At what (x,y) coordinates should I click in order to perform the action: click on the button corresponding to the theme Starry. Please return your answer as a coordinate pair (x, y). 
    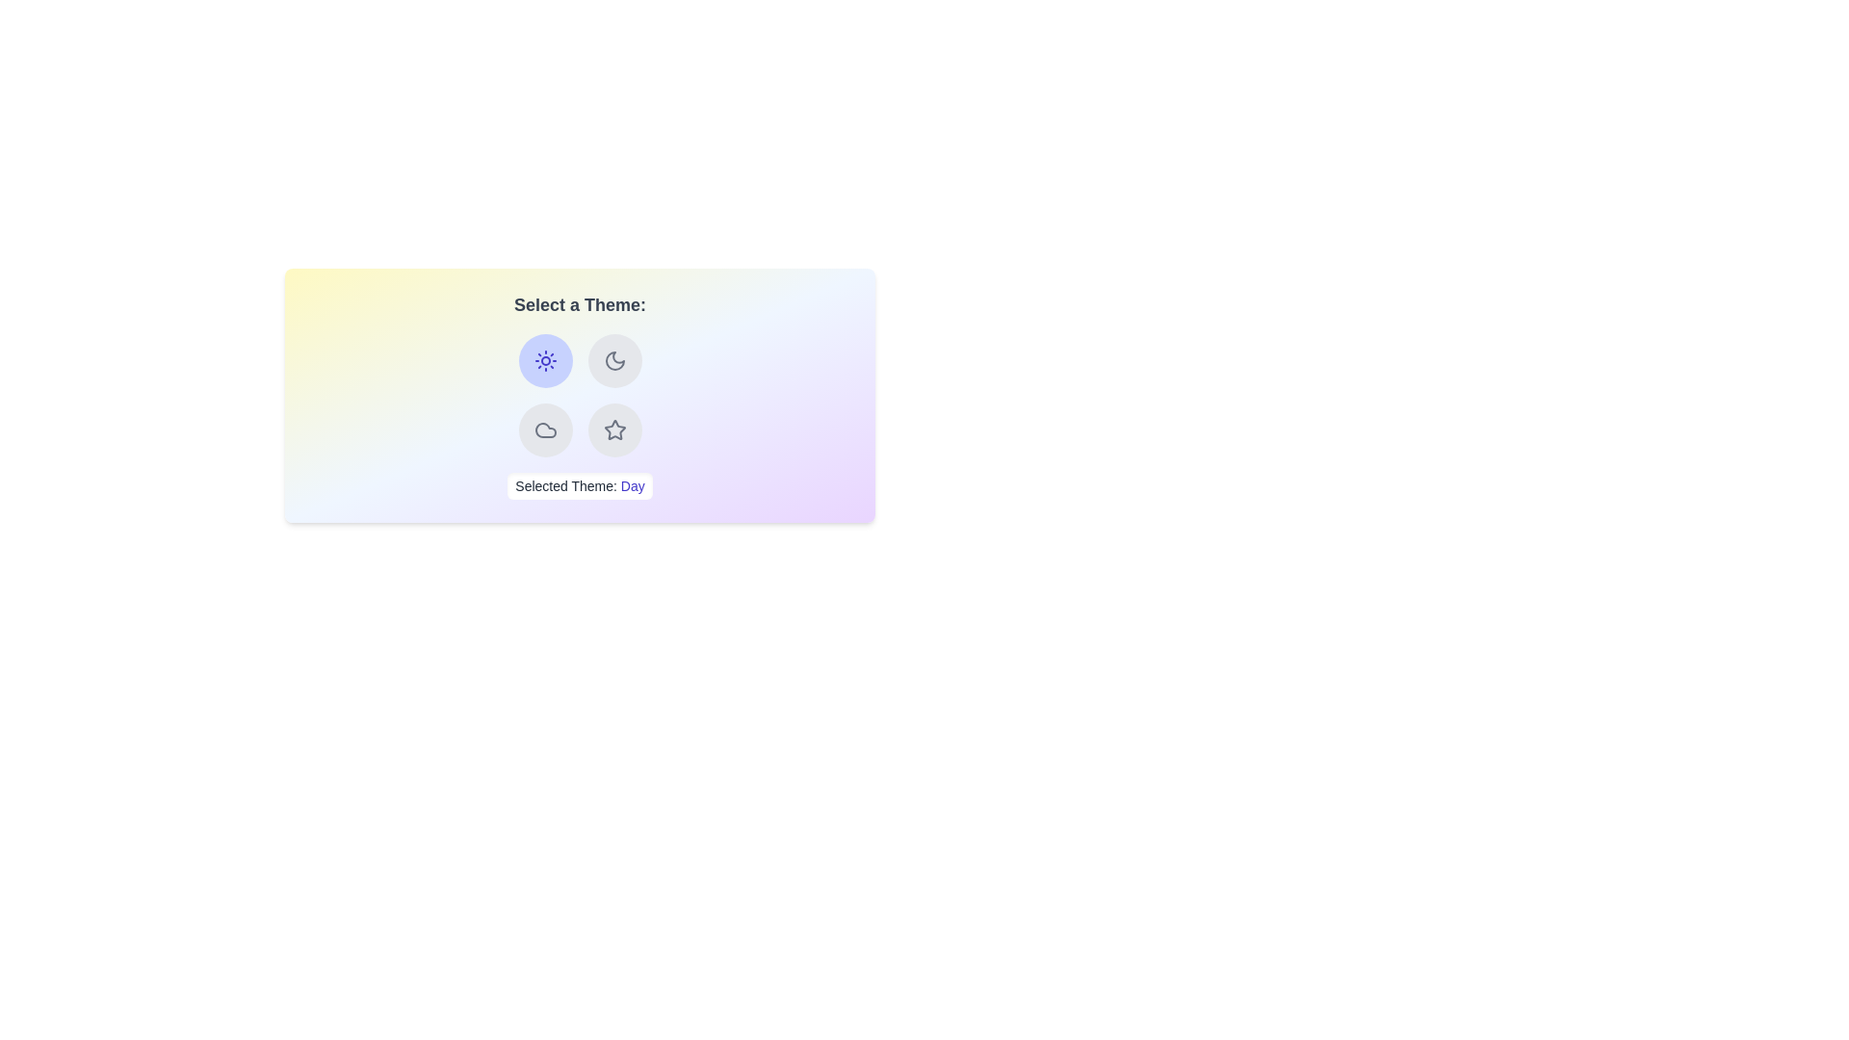
    Looking at the image, I should click on (613, 429).